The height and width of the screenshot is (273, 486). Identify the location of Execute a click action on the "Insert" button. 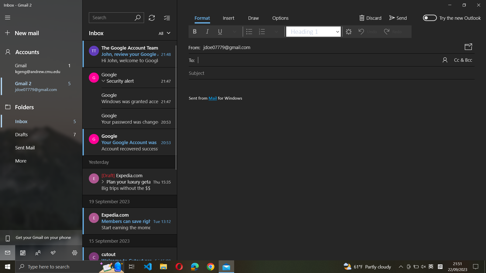
(228, 18).